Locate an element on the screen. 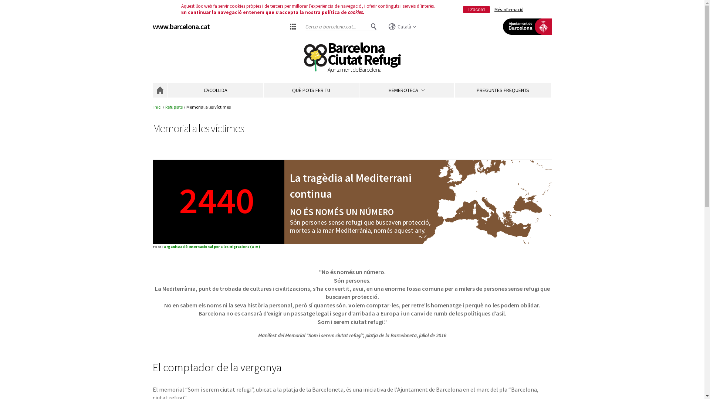 Image resolution: width=710 pixels, height=399 pixels. 'D'acord' is located at coordinates (476, 10).